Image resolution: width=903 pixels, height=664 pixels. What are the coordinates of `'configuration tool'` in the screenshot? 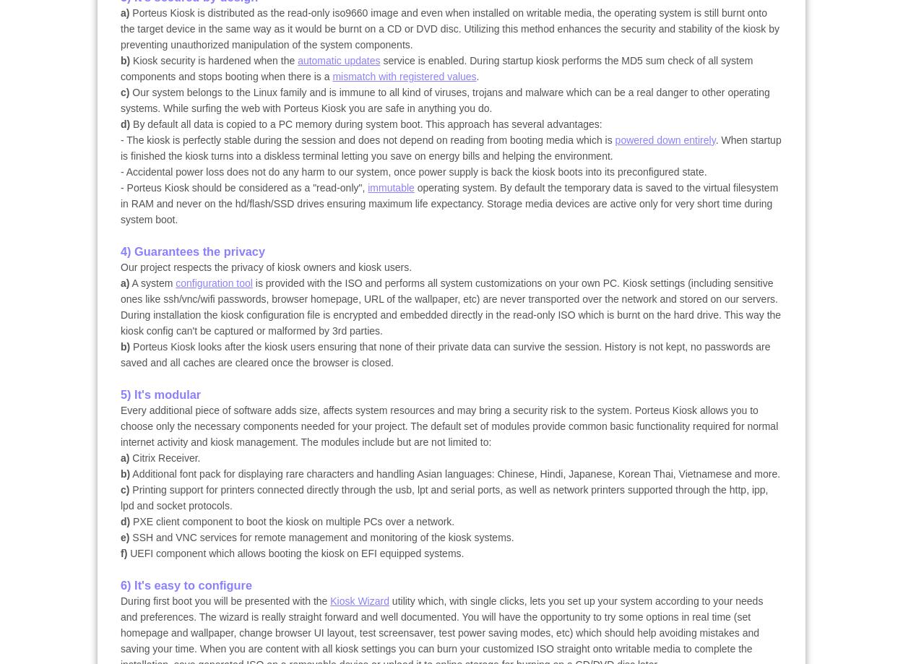 It's located at (214, 283).